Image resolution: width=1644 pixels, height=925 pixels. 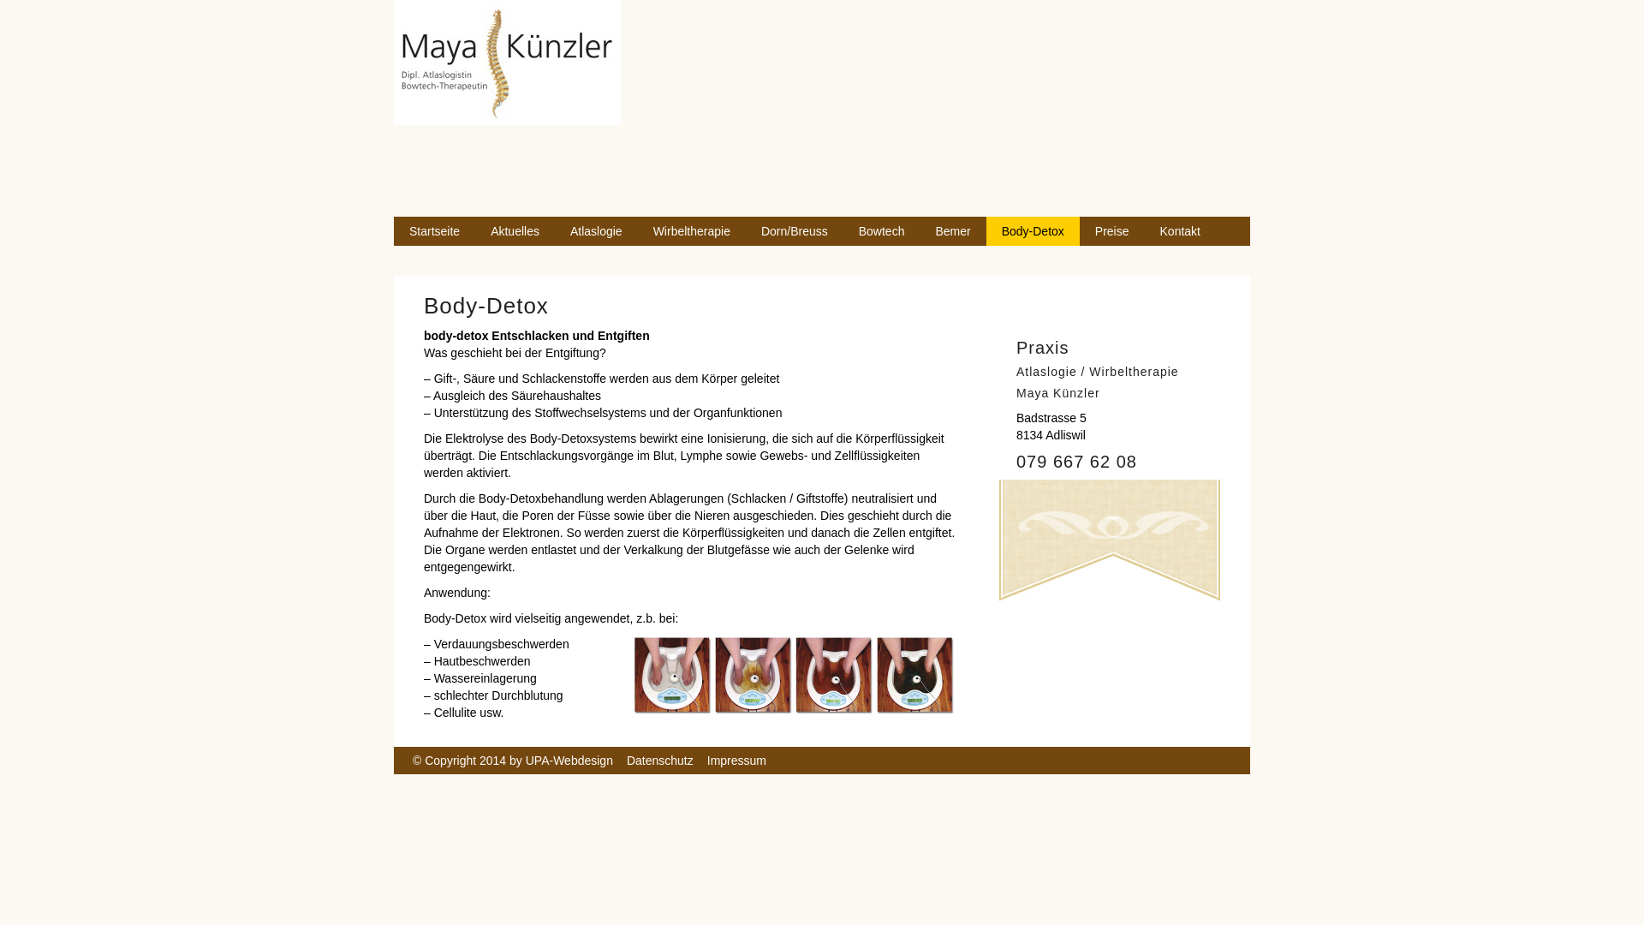 What do you see at coordinates (659, 759) in the screenshot?
I see `'Datenschutz'` at bounding box center [659, 759].